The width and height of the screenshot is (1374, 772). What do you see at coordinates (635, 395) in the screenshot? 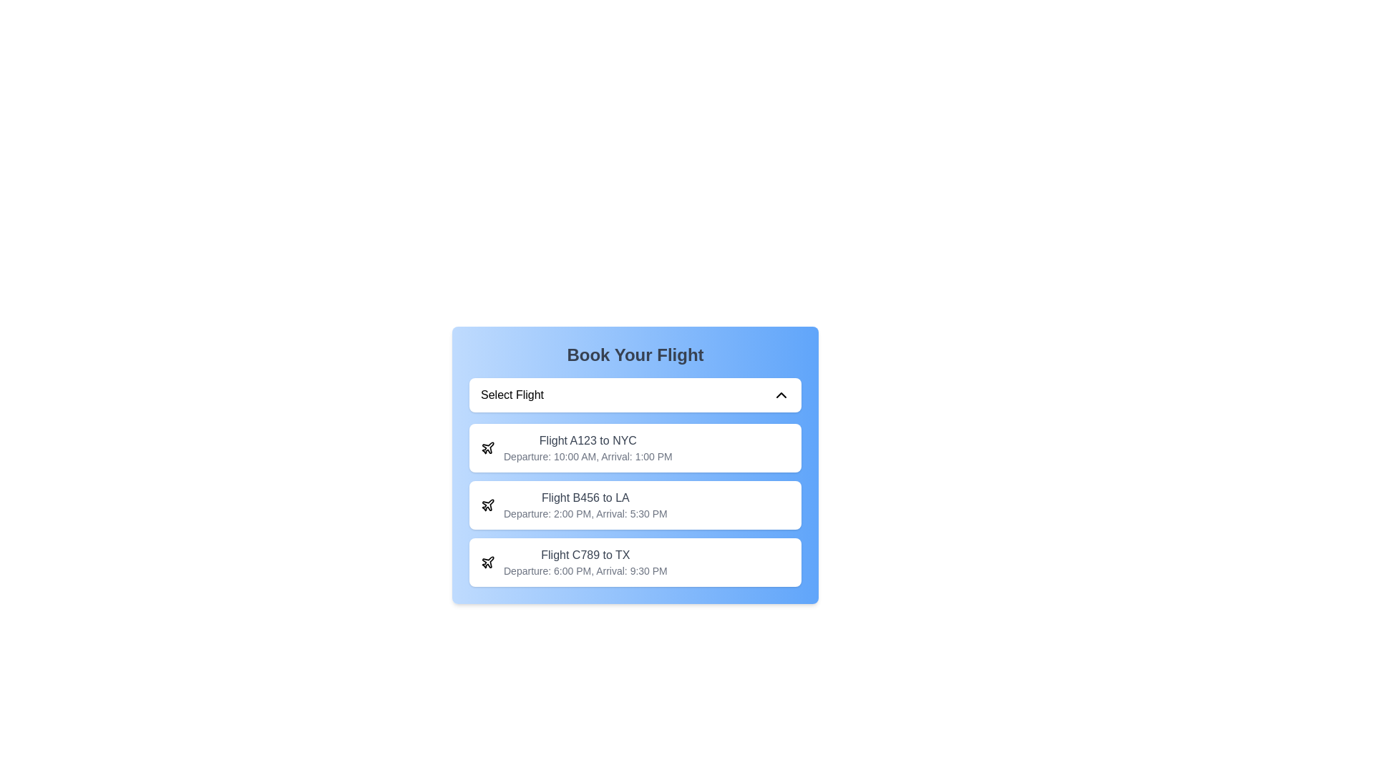
I see `the toggle button to toggle the menu visibility` at bounding box center [635, 395].